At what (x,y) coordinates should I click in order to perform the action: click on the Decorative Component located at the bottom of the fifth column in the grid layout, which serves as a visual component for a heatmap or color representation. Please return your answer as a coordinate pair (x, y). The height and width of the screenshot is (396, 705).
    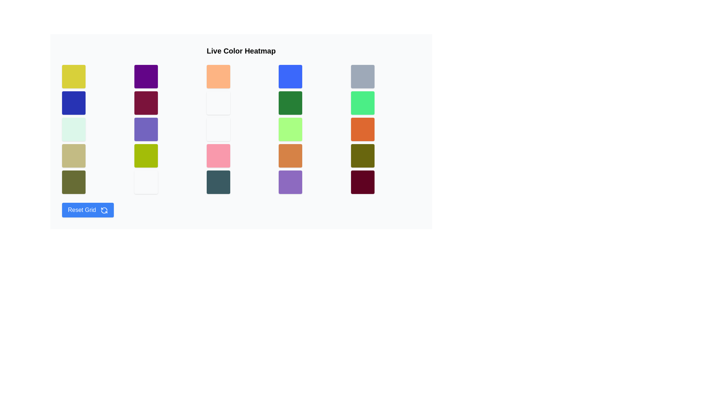
    Looking at the image, I should click on (363, 182).